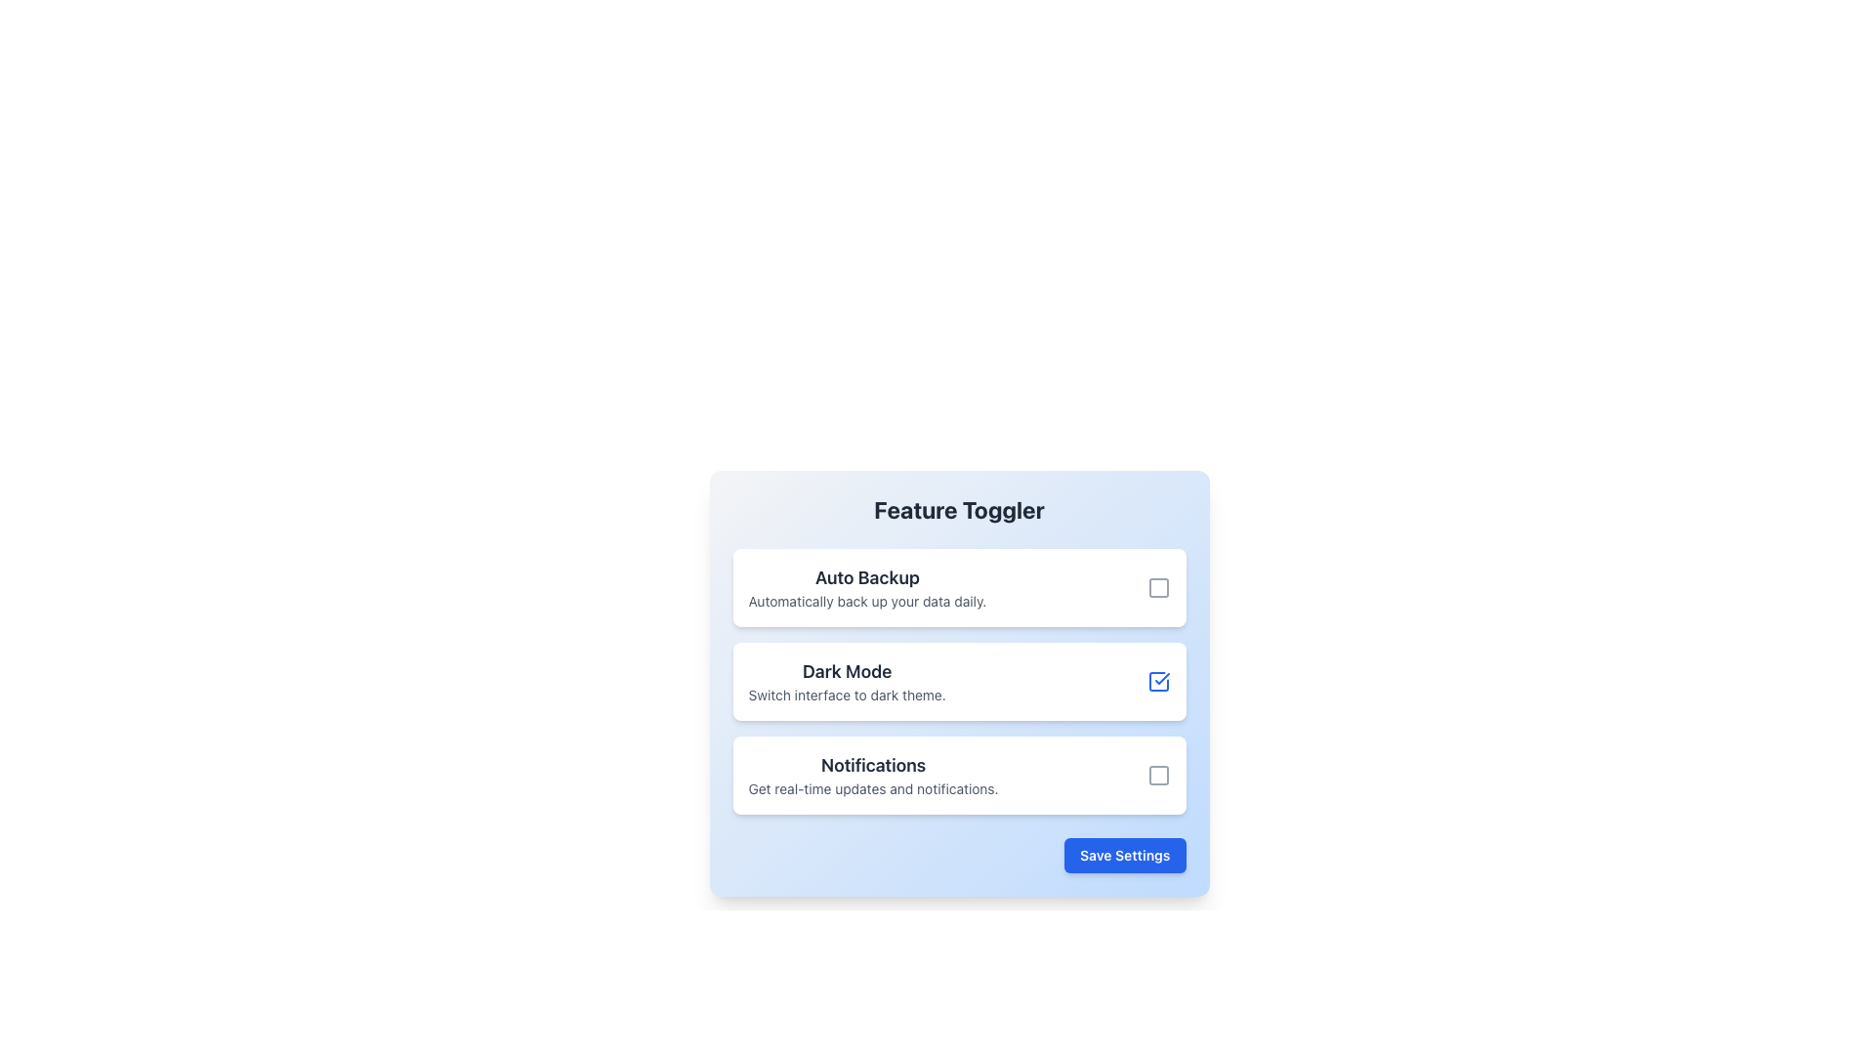  I want to click on the checkbox with a blue border and white background located in the 'Dark Mode' section of the 'Feature Toggles' interface, so click(1158, 681).